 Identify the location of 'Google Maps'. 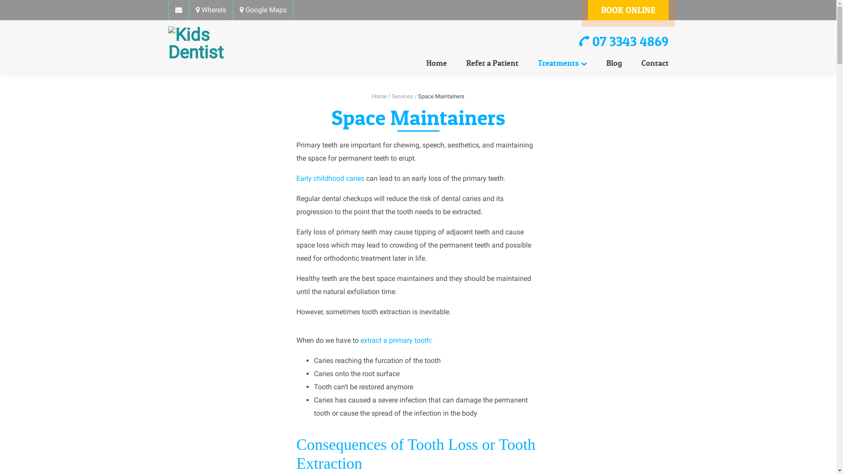
(232, 10).